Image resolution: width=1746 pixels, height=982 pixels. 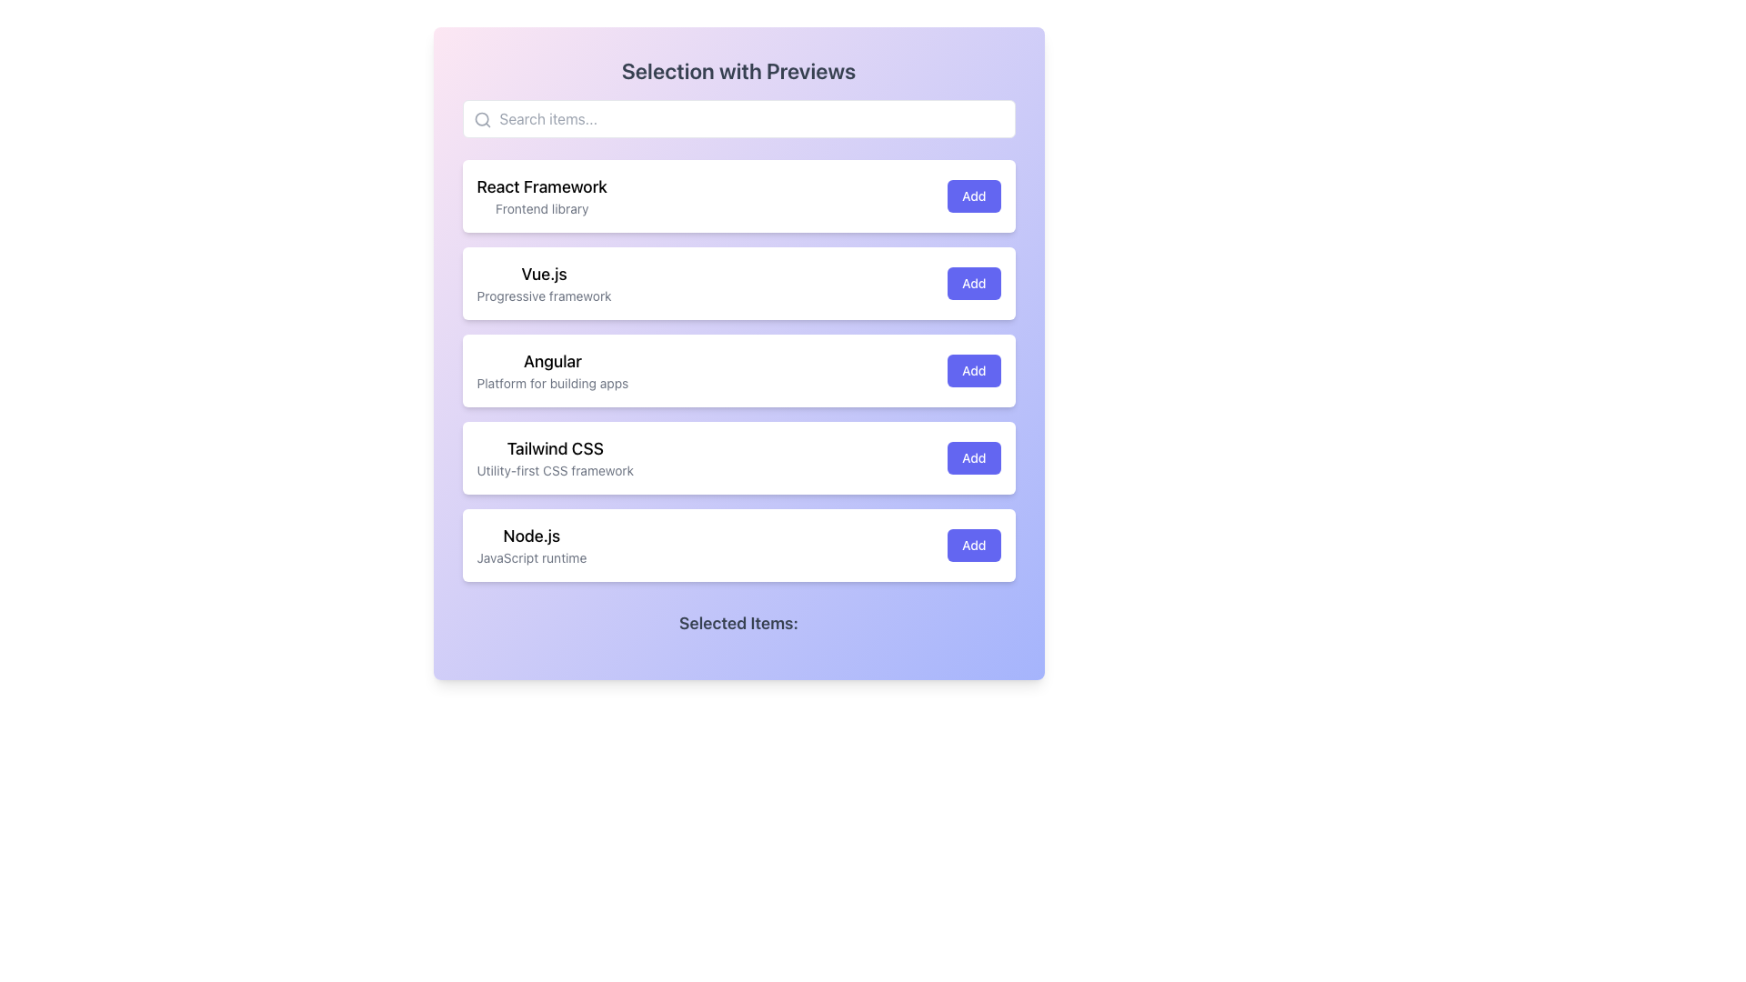 I want to click on the 'Add' button associated with the 'Vue.js' framework located on the right side of the card in the second position of the vertical list, so click(x=973, y=284).